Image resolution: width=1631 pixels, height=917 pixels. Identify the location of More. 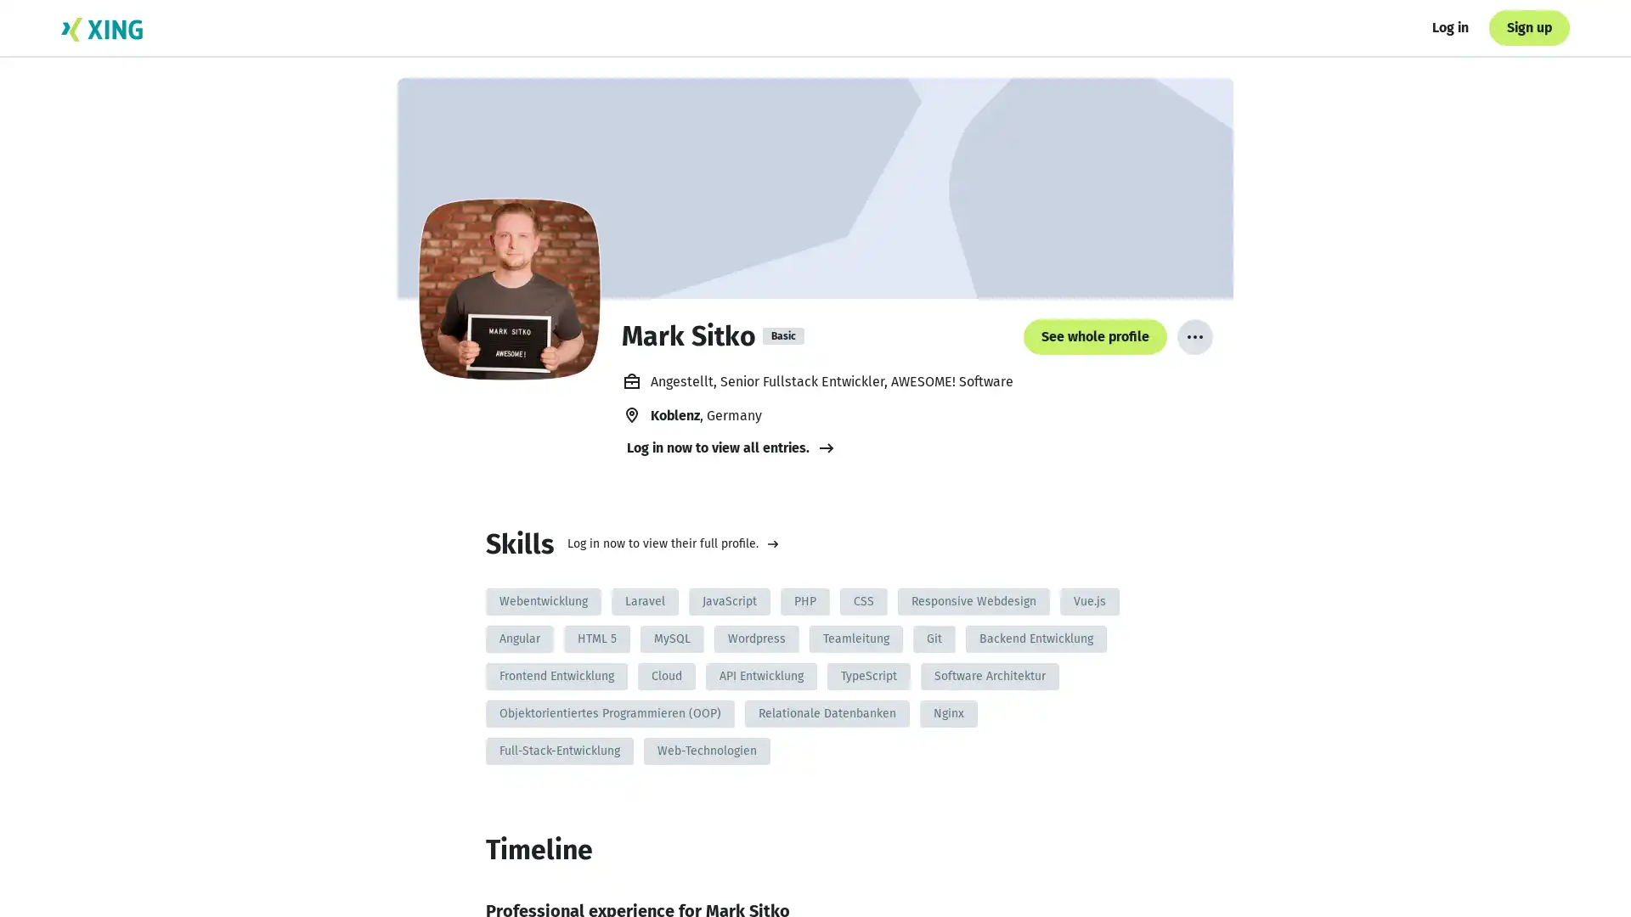
(1194, 337).